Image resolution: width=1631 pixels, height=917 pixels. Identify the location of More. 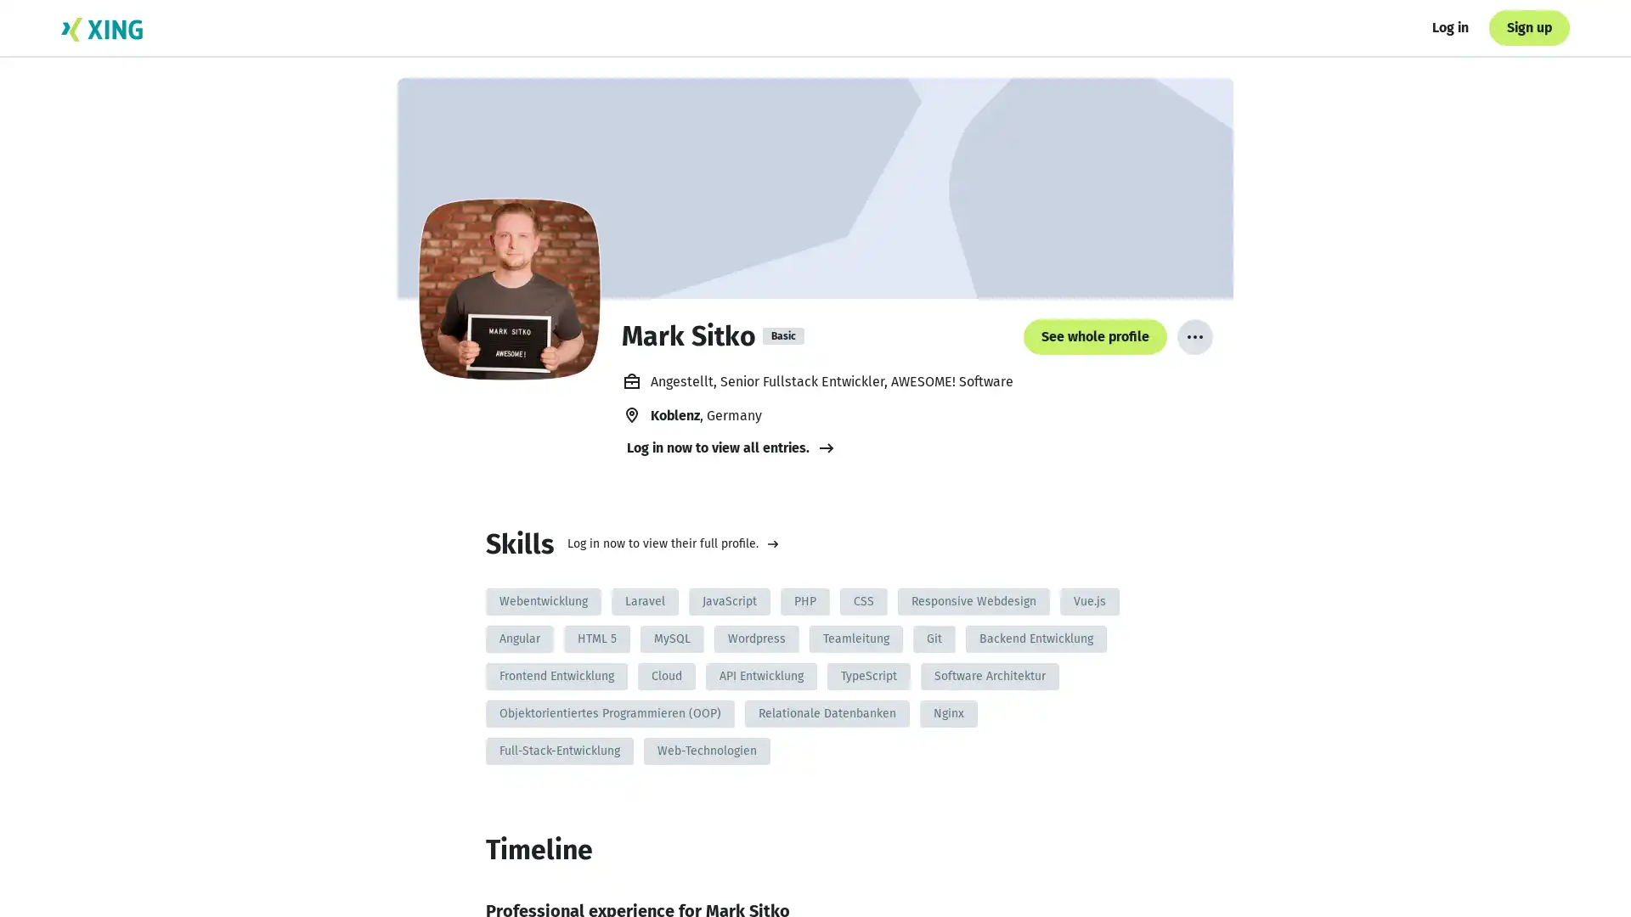
(1194, 337).